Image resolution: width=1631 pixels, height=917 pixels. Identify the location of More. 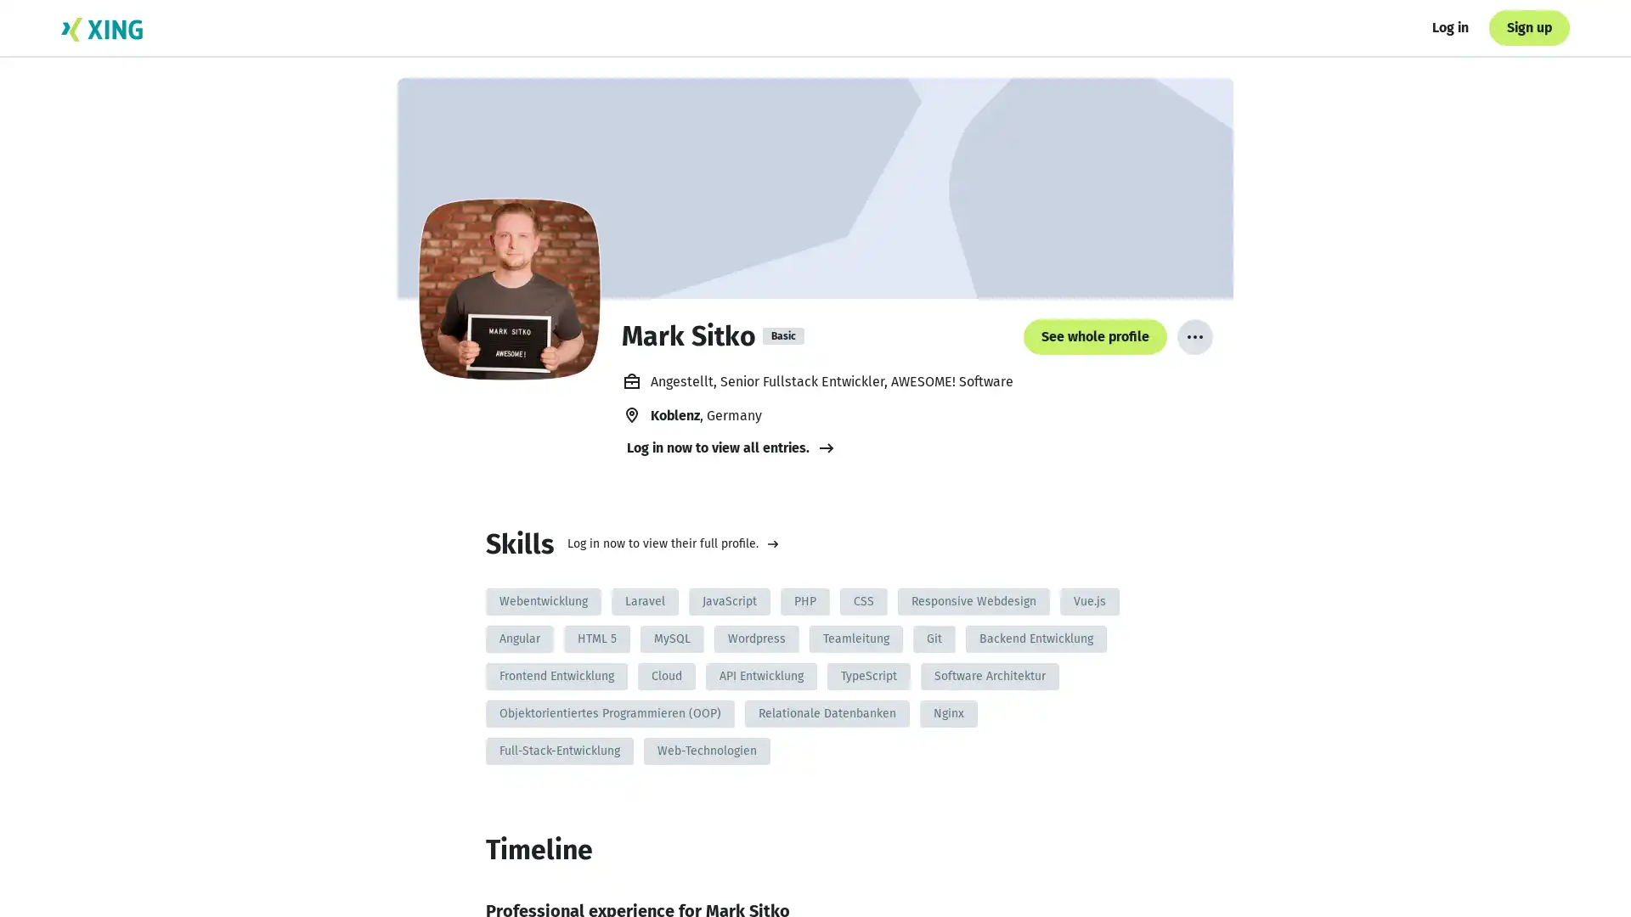
(1194, 337).